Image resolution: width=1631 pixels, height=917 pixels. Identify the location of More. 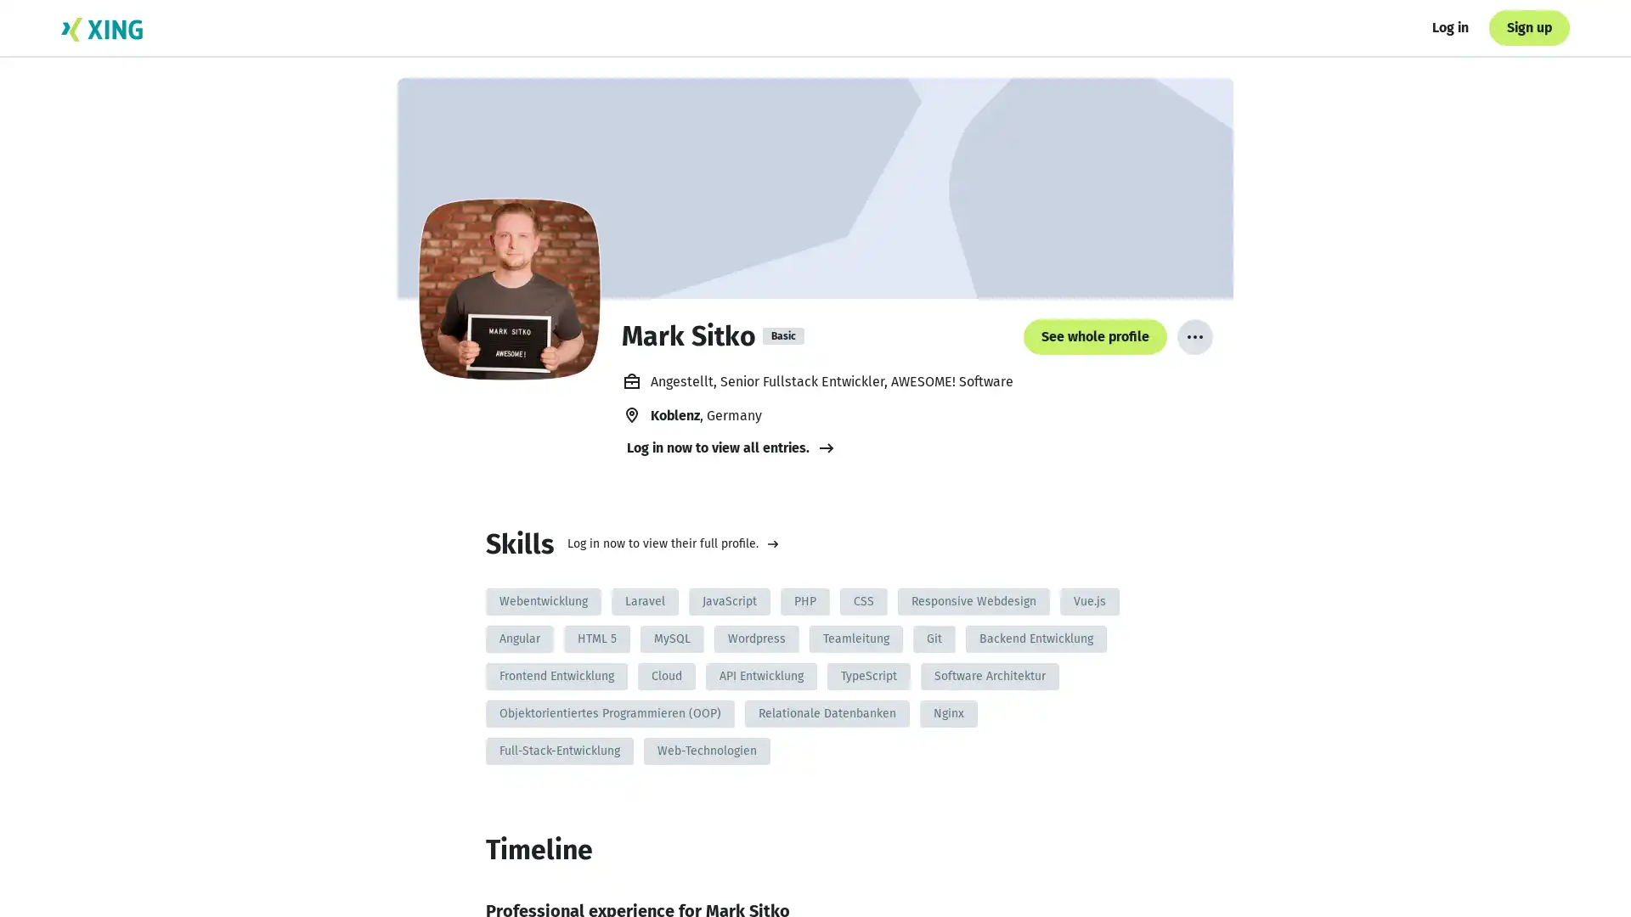
(1194, 337).